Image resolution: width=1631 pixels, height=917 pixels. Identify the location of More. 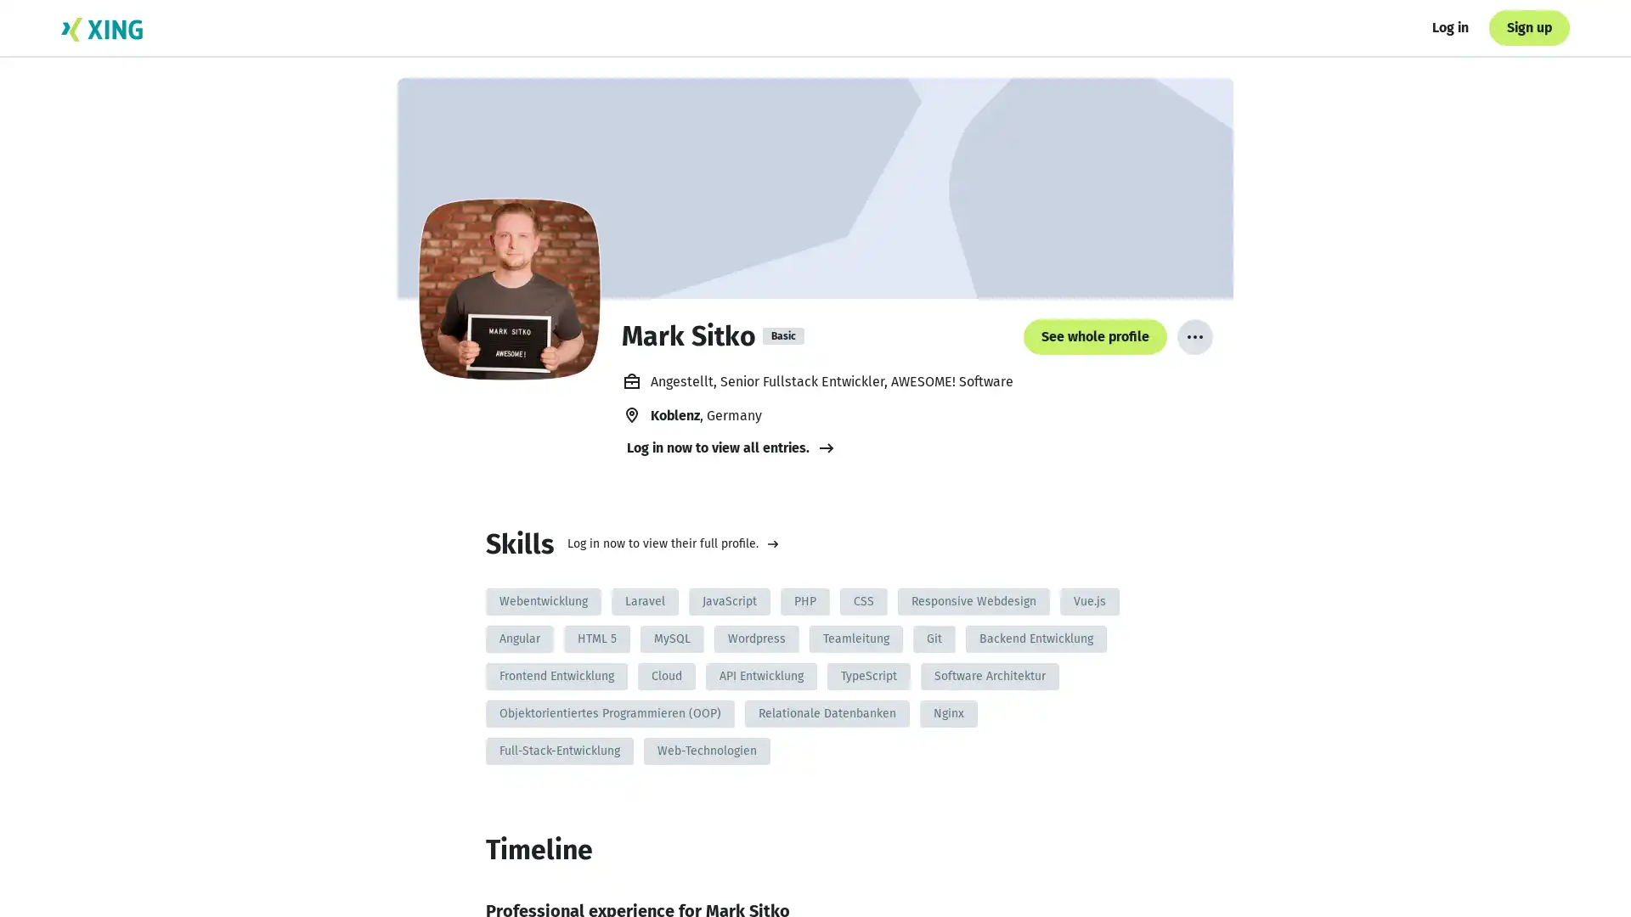
(1194, 337).